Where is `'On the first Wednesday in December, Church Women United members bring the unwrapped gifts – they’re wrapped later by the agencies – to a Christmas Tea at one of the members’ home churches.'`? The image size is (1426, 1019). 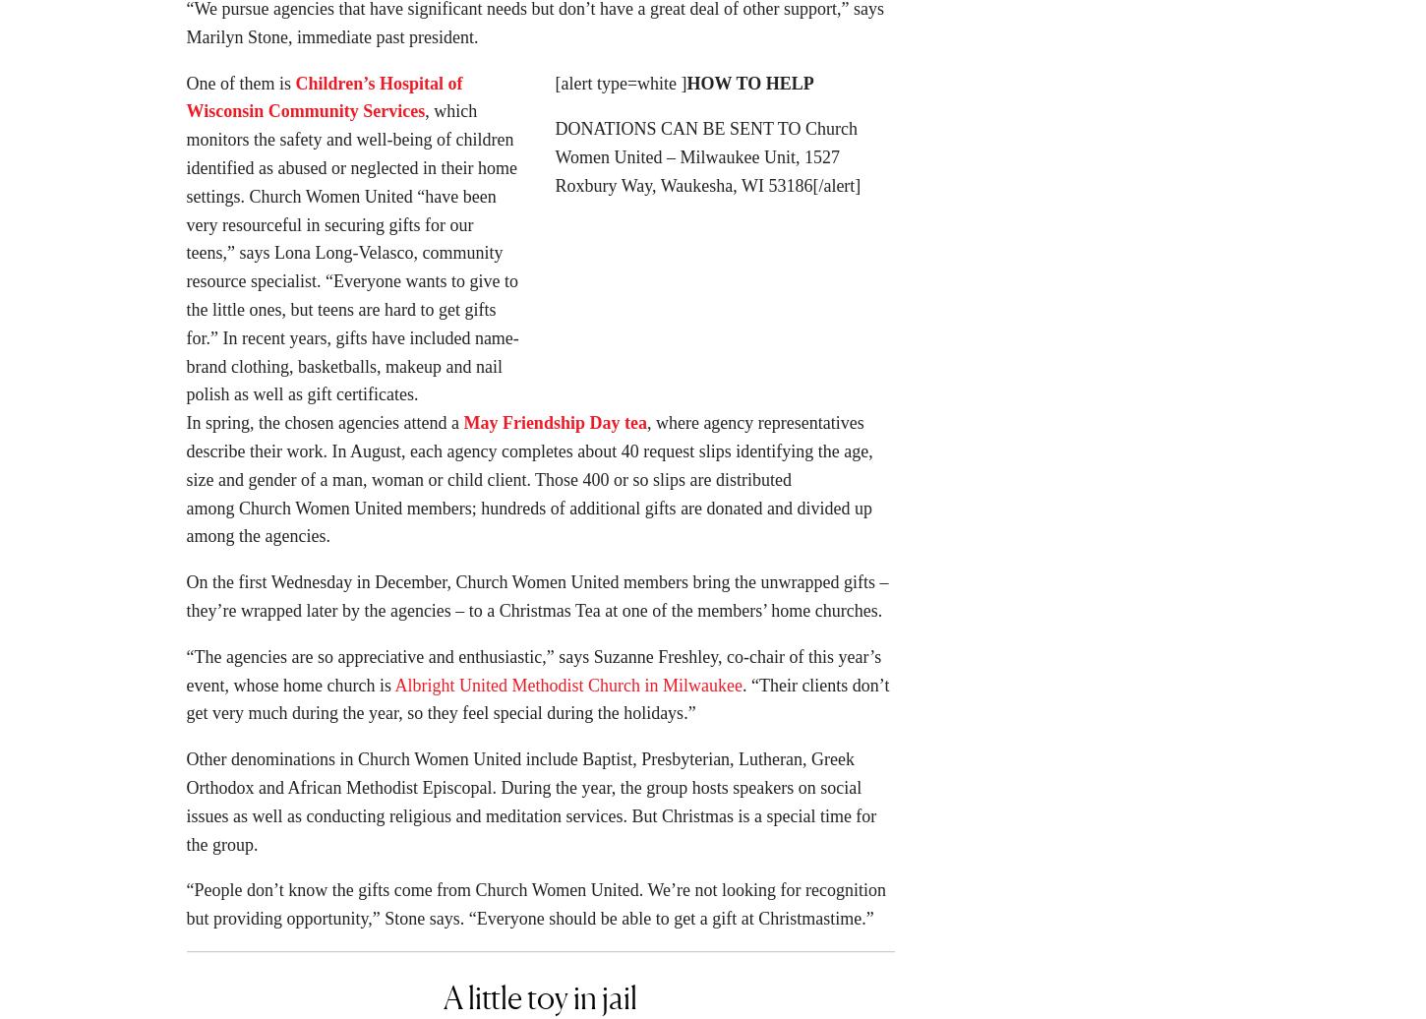
'On the first Wednesday in December, Church Women United members bring the unwrapped gifts – they’re wrapped later by the agencies – to a Christmas Tea at one of the members’ home churches.' is located at coordinates (184, 602).